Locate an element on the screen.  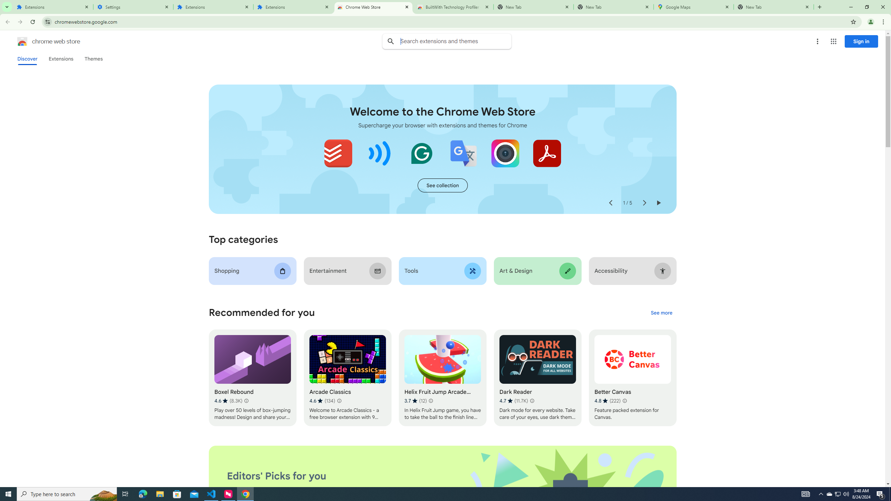
'Learn more about results and reviews "Boxel Rebound"' is located at coordinates (246, 401).